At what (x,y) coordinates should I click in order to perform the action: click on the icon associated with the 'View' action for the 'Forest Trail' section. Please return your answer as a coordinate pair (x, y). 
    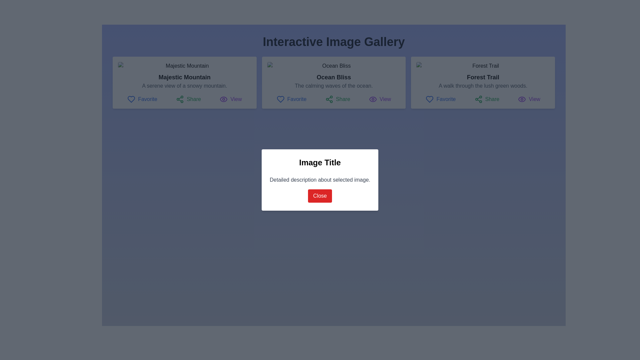
    Looking at the image, I should click on (522, 99).